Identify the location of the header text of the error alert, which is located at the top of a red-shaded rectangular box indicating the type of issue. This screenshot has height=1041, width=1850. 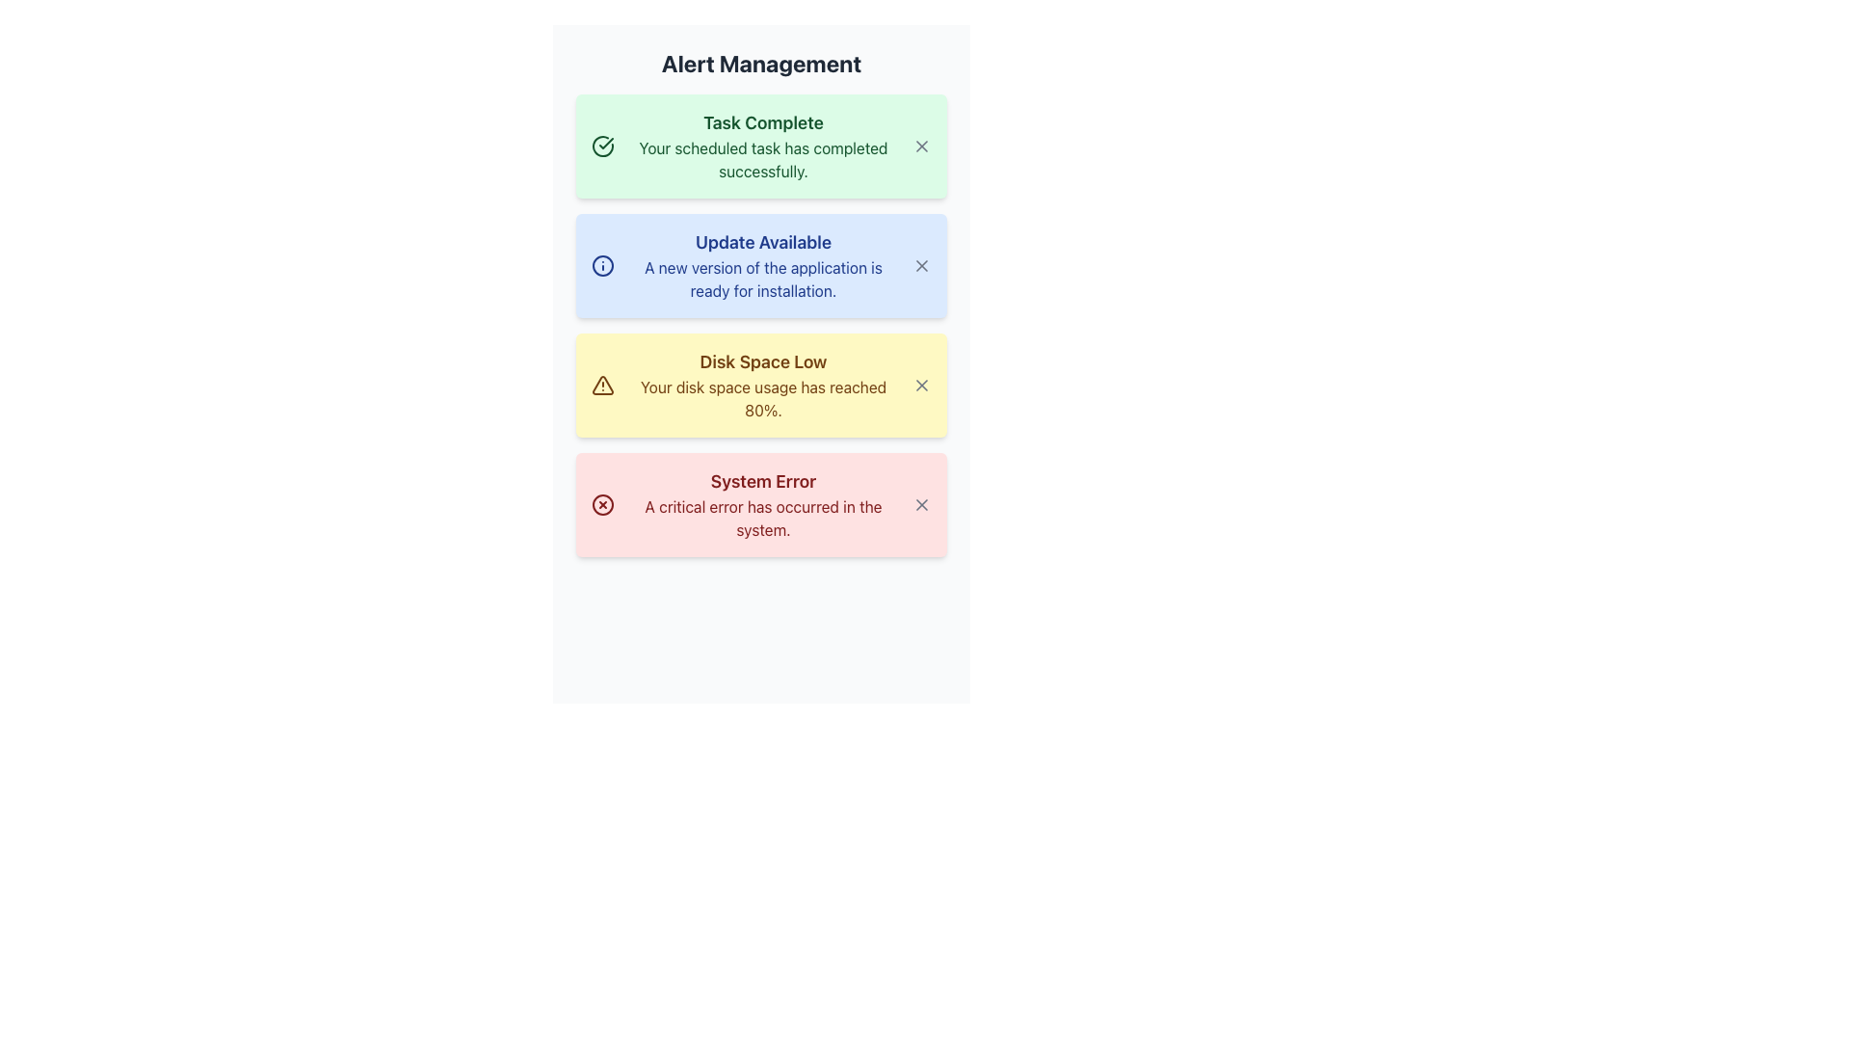
(762, 481).